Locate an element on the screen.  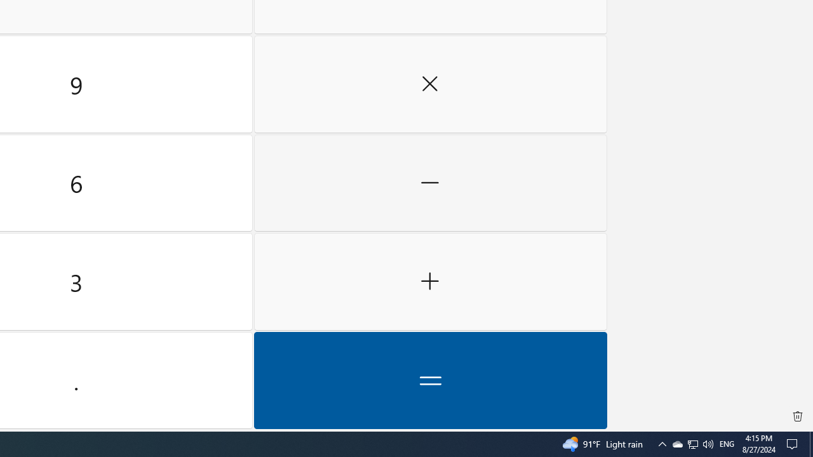
'Equals' is located at coordinates (430, 380).